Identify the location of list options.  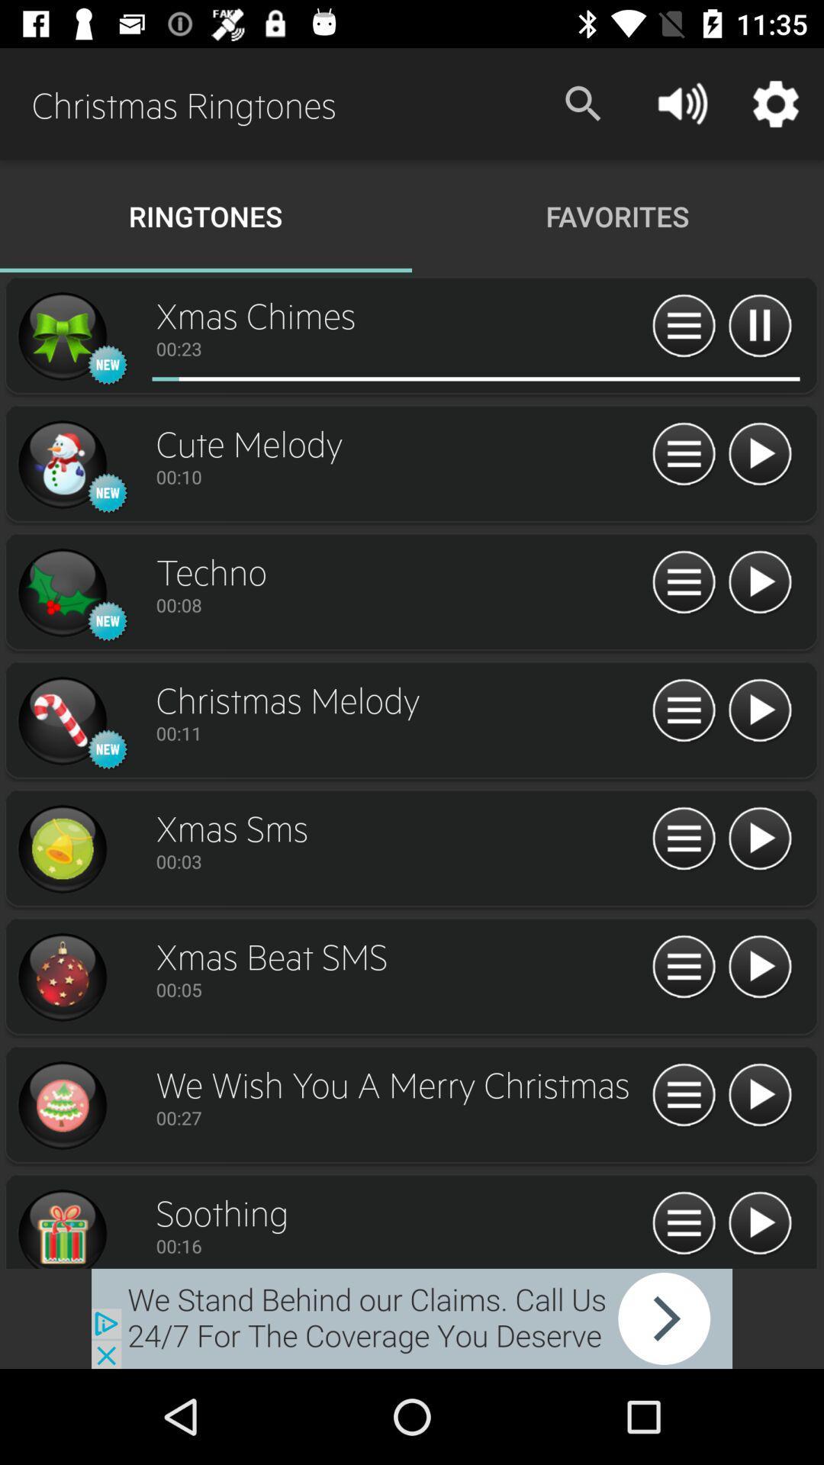
(683, 454).